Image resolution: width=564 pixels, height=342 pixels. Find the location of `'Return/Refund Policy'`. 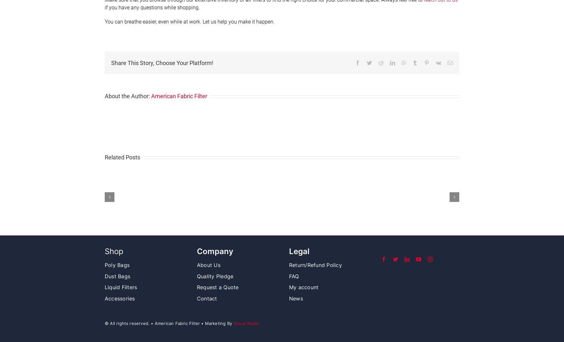

'Return/Refund Policy' is located at coordinates (315, 265).